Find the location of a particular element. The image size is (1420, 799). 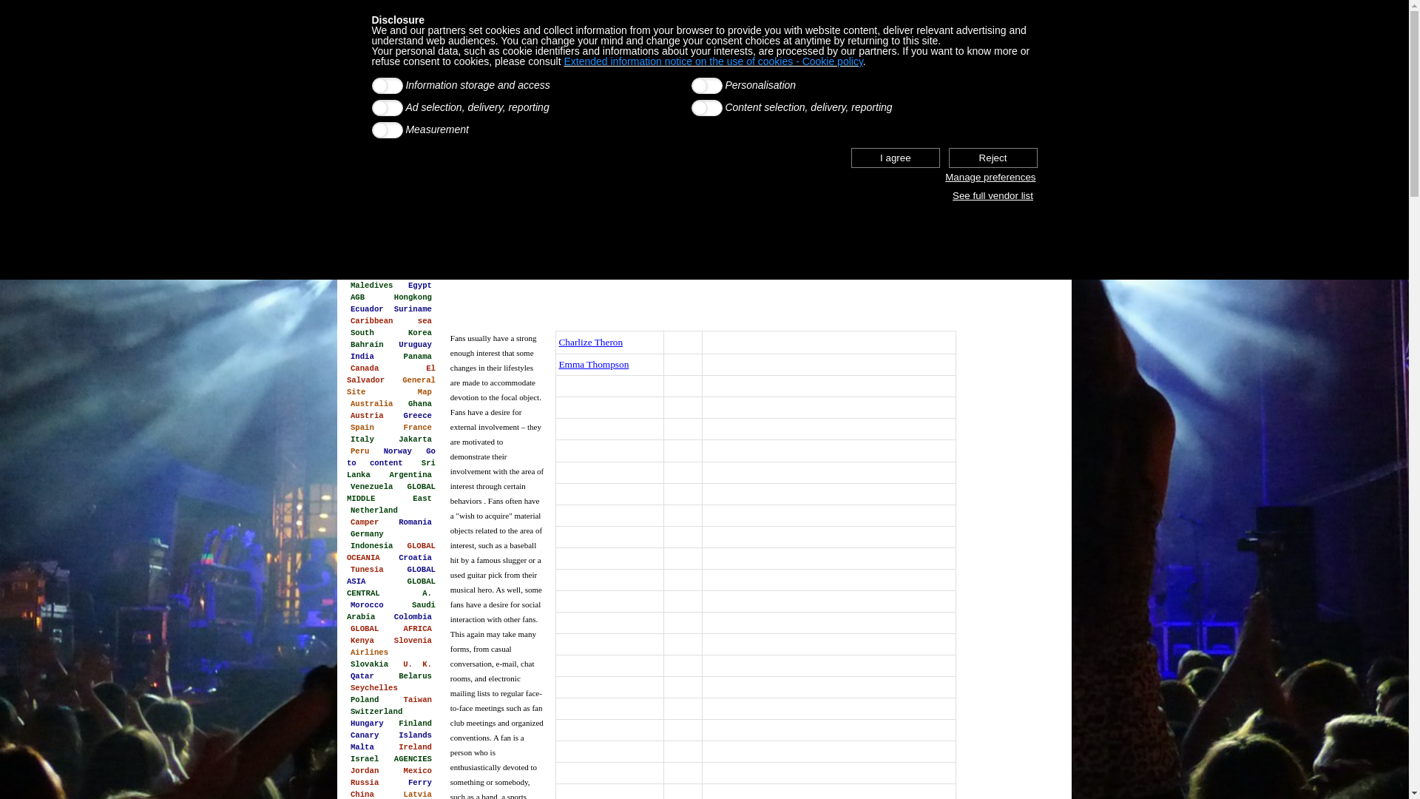

'Panama' is located at coordinates (417, 357).